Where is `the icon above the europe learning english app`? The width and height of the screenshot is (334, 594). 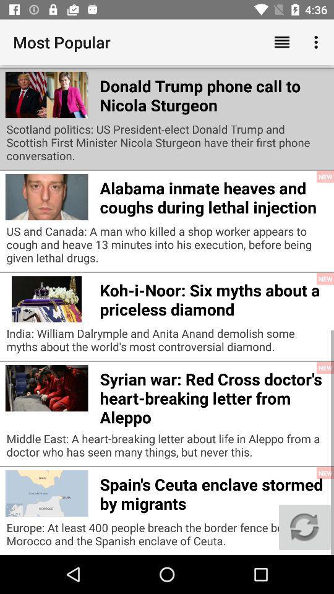
the icon above the europe learning english app is located at coordinates (281, 42).